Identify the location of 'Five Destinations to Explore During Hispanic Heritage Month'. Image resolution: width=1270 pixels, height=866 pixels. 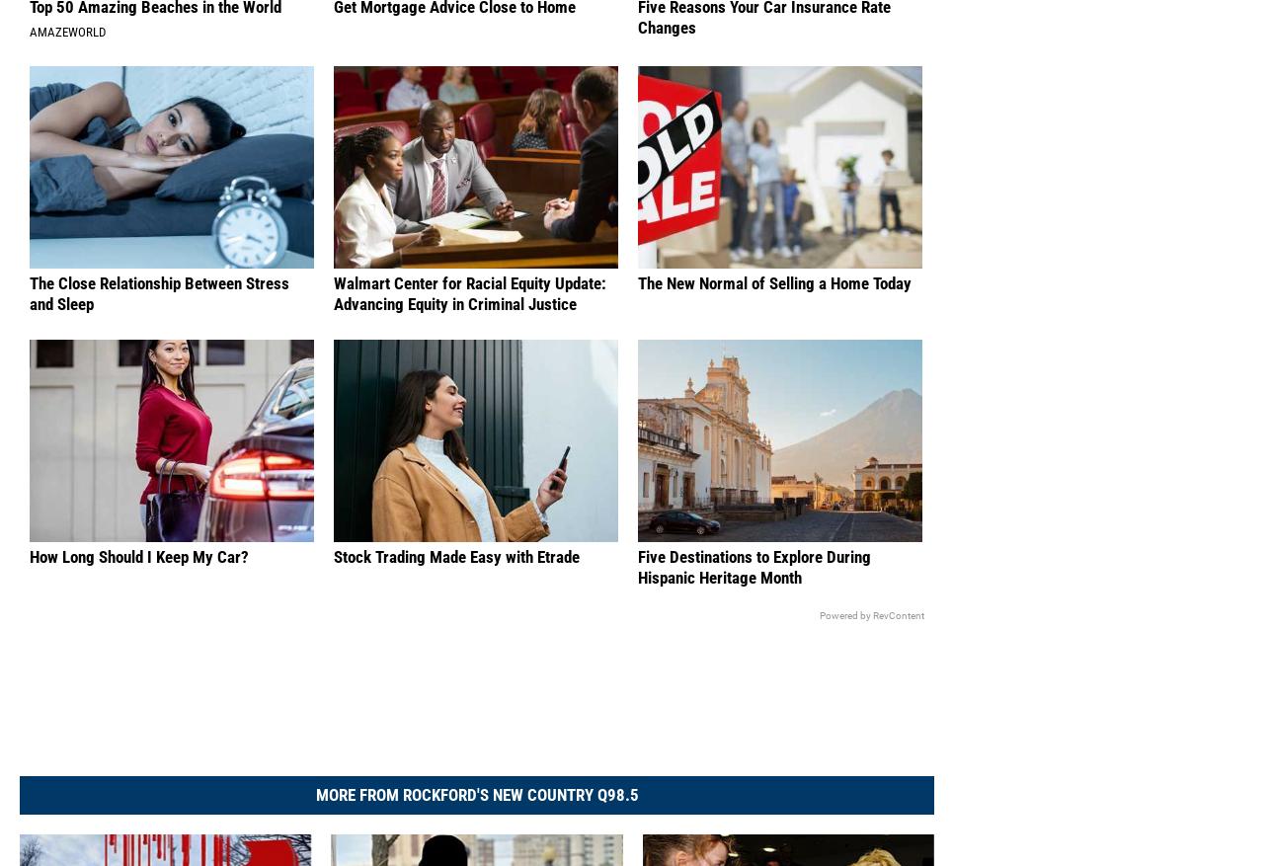
(754, 588).